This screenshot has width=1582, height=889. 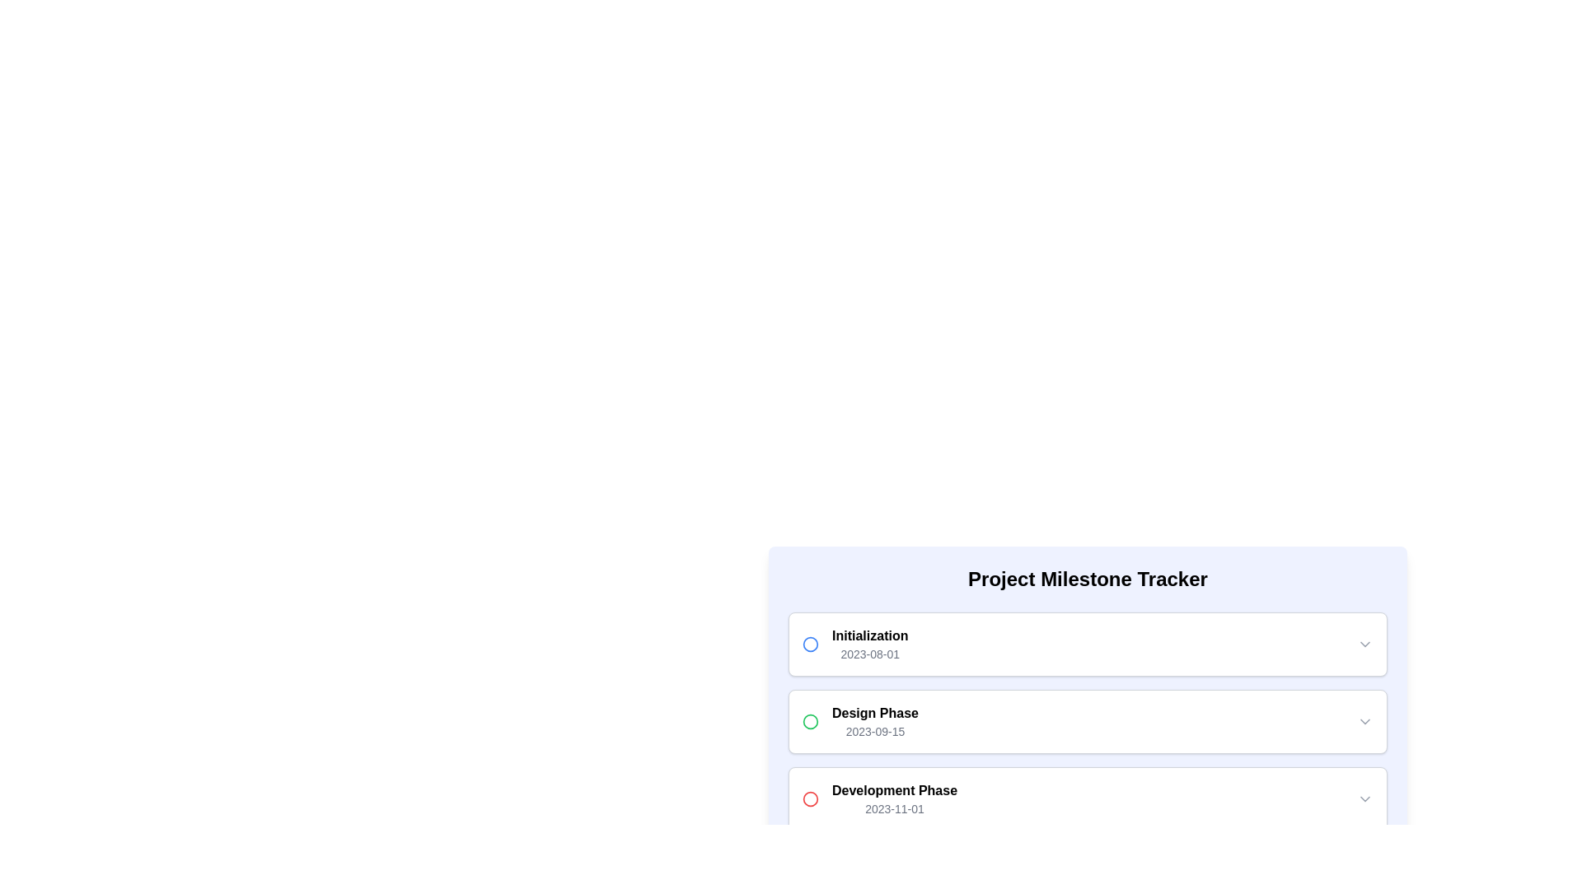 What do you see at coordinates (874, 713) in the screenshot?
I see `the content of the text label that contains the bold text 'Design Phase', located in the second block of the project milestone tracker, positioned between 'Initialization' and 'Development Phase'` at bounding box center [874, 713].